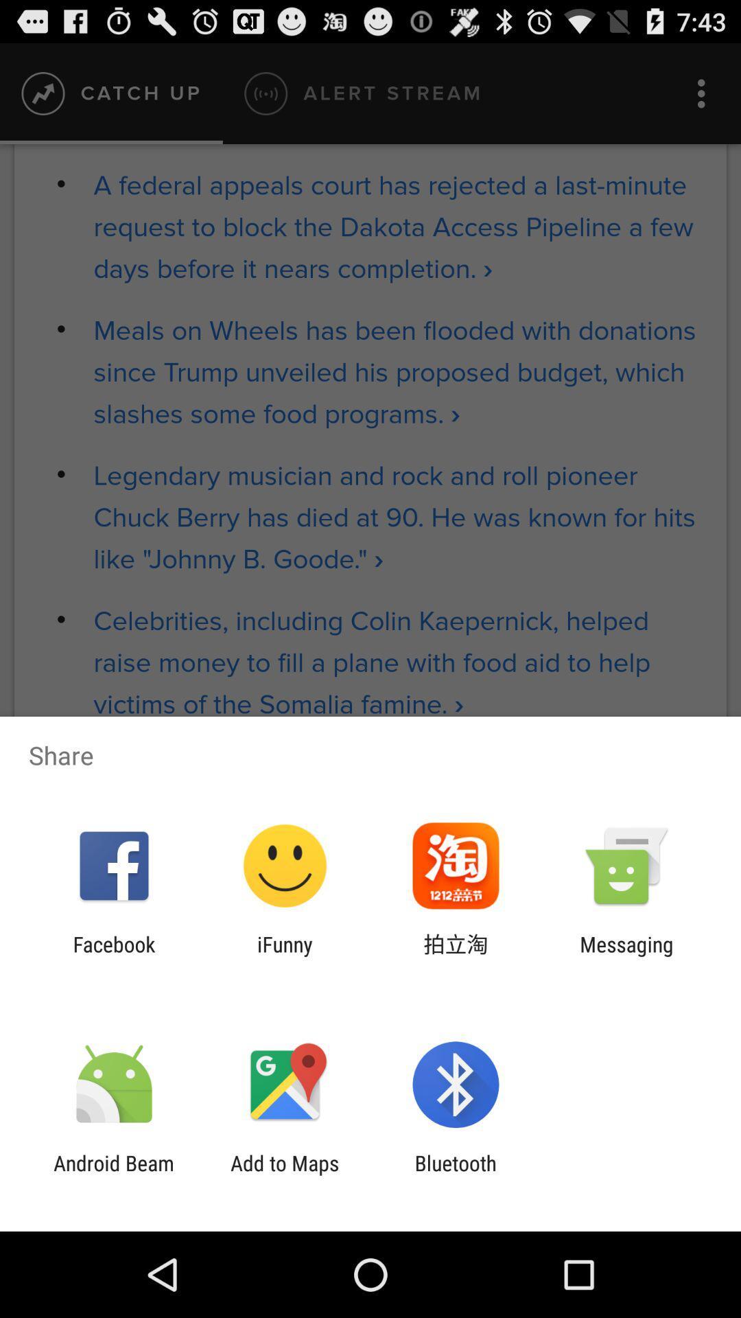  I want to click on icon to the left of the bluetooth app, so click(284, 1175).